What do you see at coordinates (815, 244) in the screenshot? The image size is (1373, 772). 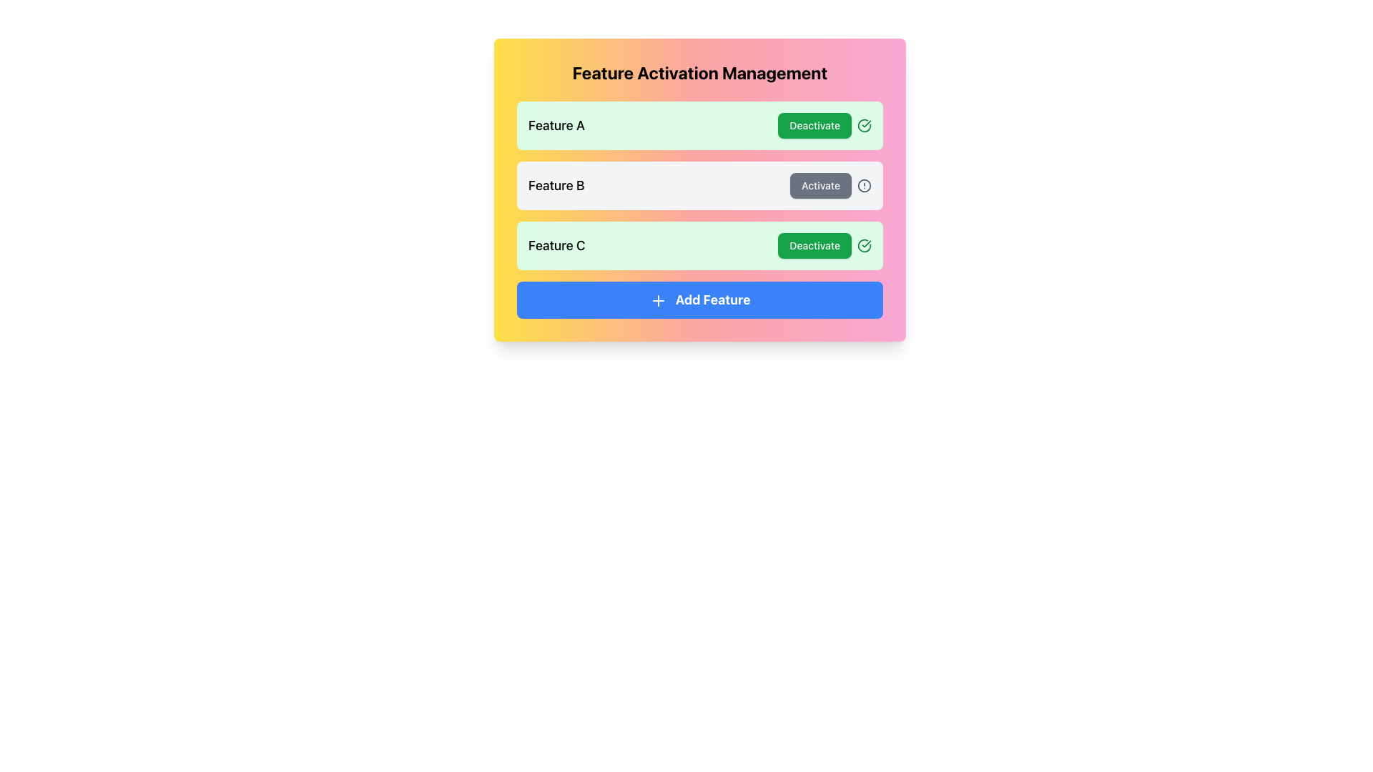 I see `the button positioned at the end of the row for 'Feature C'` at bounding box center [815, 244].